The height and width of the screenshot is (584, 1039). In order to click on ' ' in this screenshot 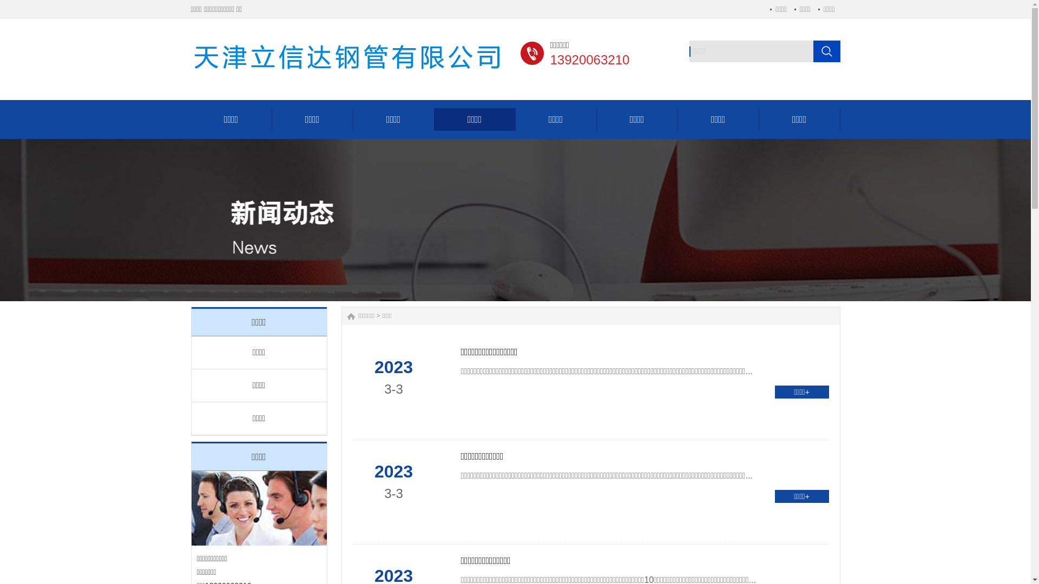, I will do `click(826, 51)`.